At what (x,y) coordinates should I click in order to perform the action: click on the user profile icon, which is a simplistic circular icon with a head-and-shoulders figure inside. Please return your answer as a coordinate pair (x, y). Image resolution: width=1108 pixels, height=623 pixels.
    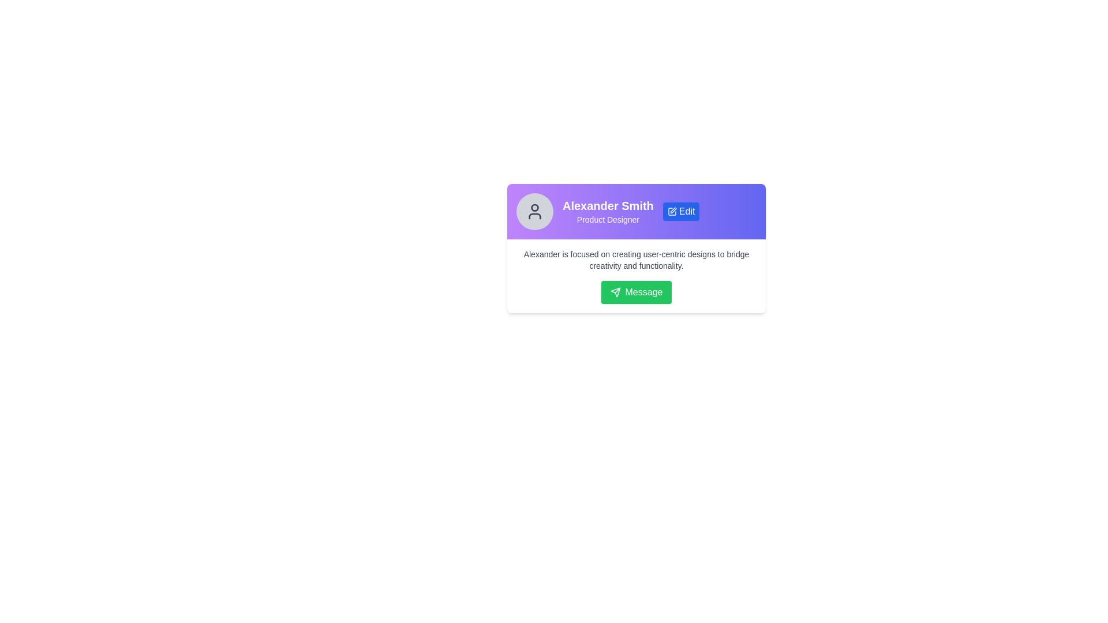
    Looking at the image, I should click on (534, 211).